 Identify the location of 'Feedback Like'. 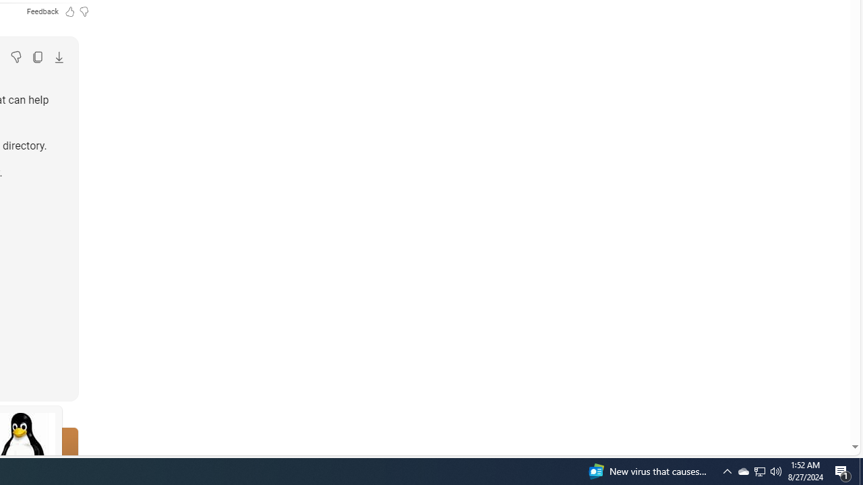
(69, 11).